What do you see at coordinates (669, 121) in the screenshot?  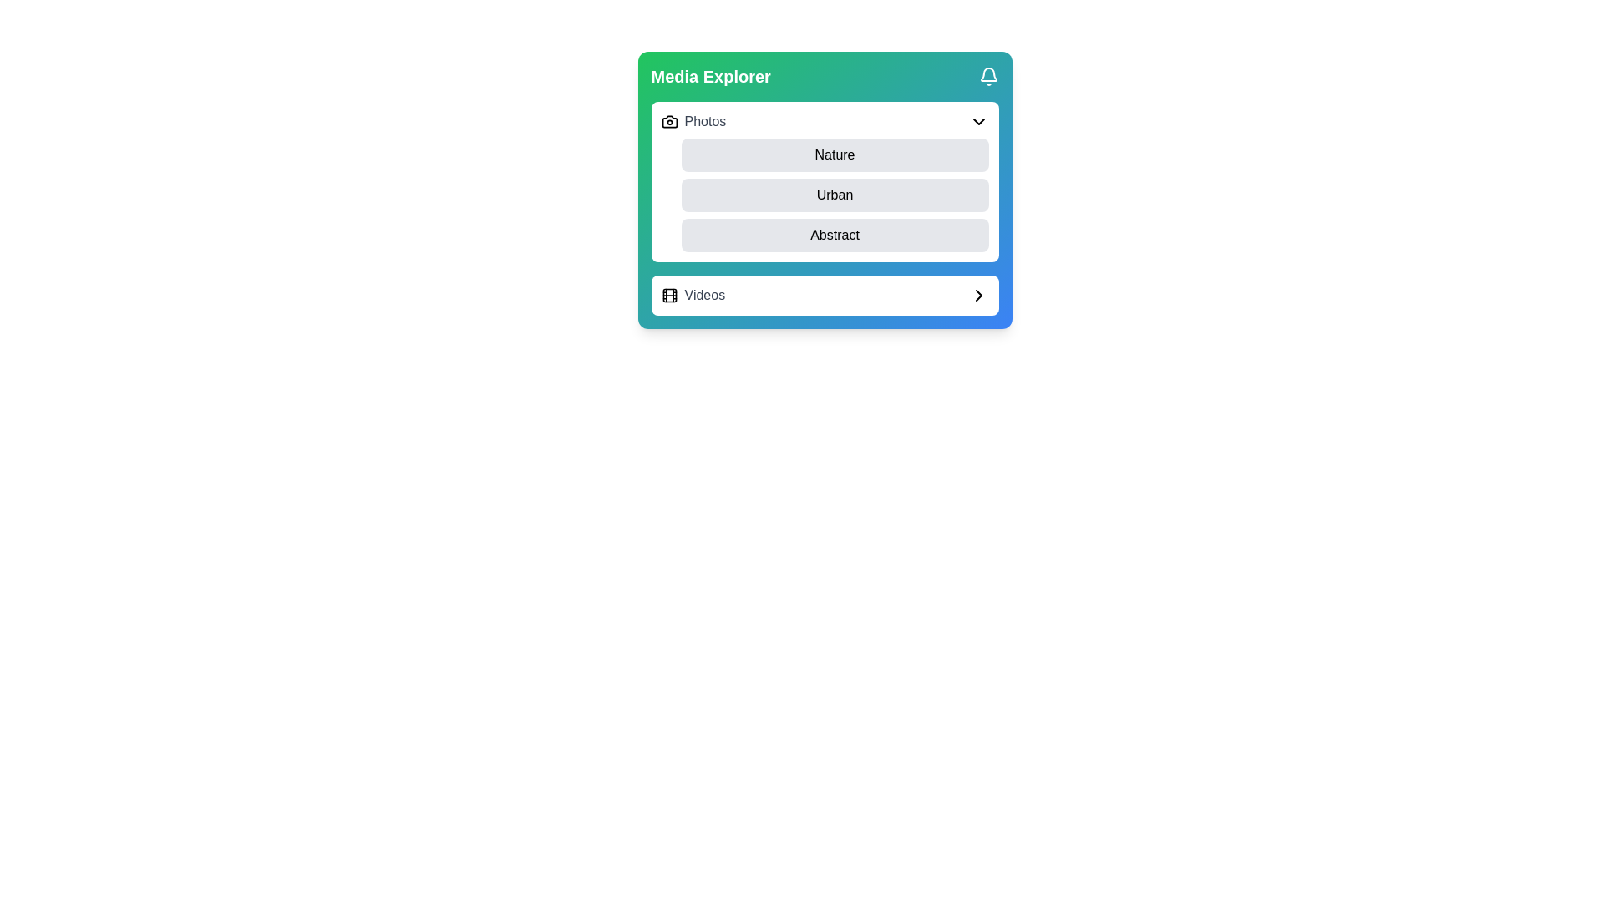 I see `'Photos' icon located within the 'Media Explorer' card on the left side of the dropdown bar` at bounding box center [669, 121].